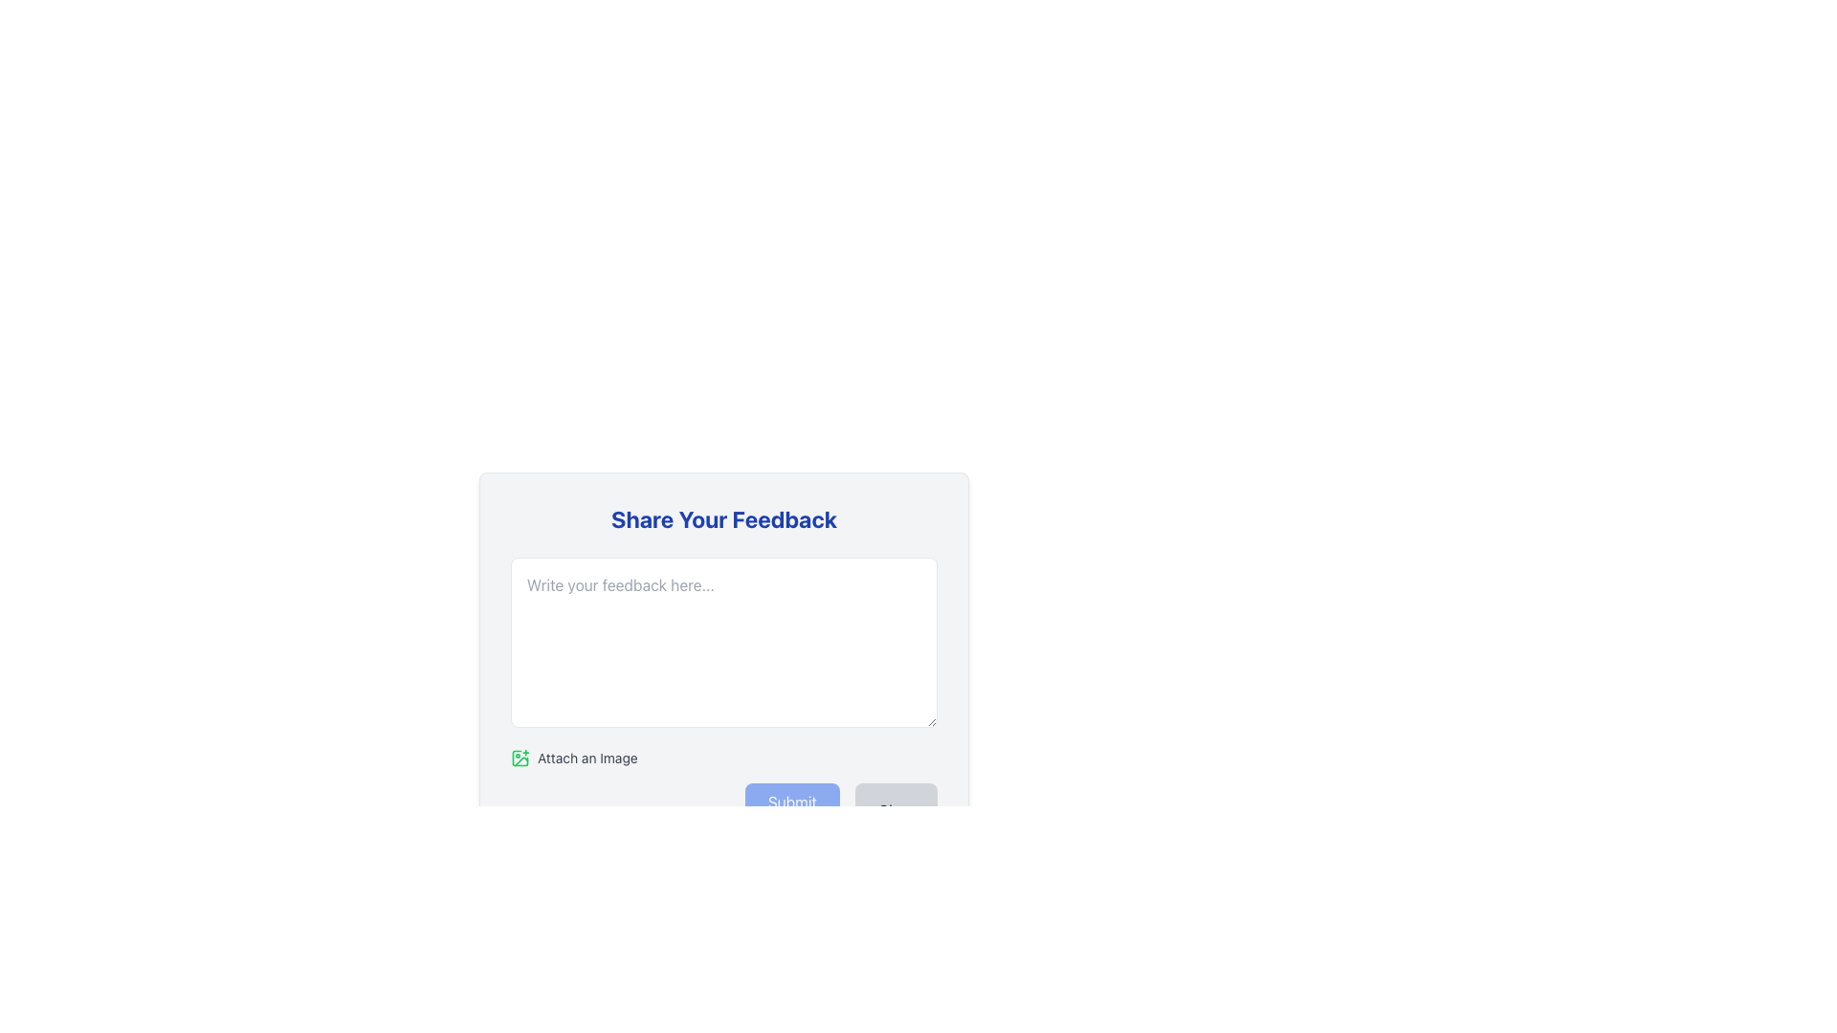 This screenshot has height=1033, width=1837. What do you see at coordinates (723, 670) in the screenshot?
I see `the textarea of the feedback form to write user comments or suggestions` at bounding box center [723, 670].